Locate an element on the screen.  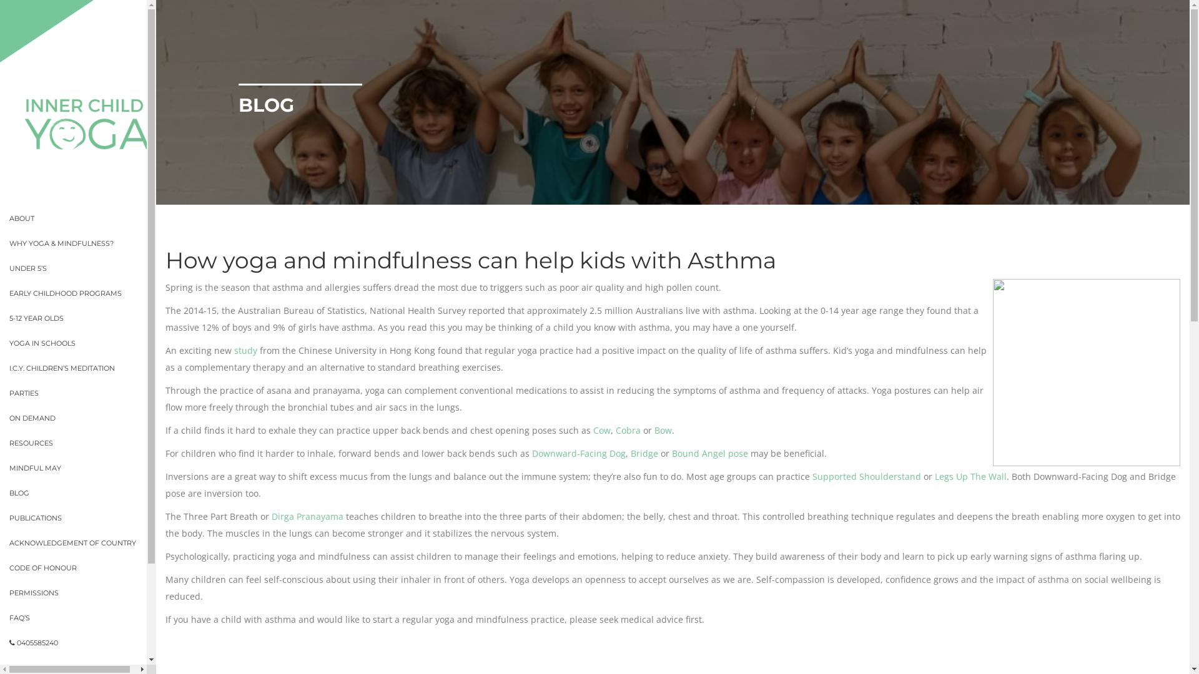
'Bridge' is located at coordinates (644, 453).